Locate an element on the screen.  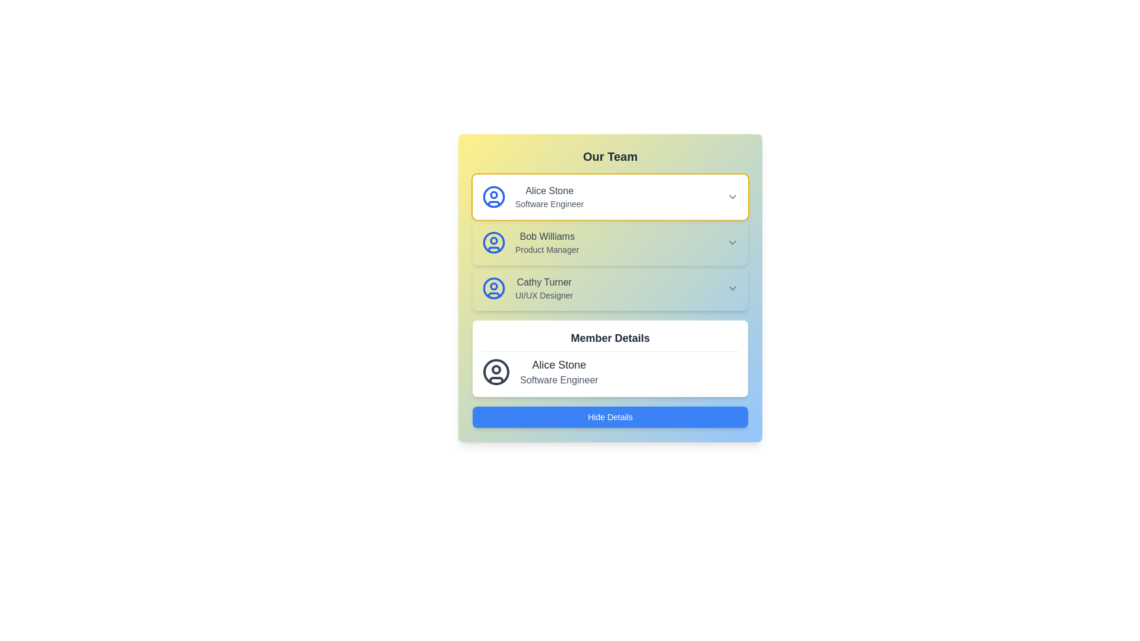
the selectable card representing a team member, which displays their name and role, located within the 'Our Team' section is located at coordinates (532, 196).